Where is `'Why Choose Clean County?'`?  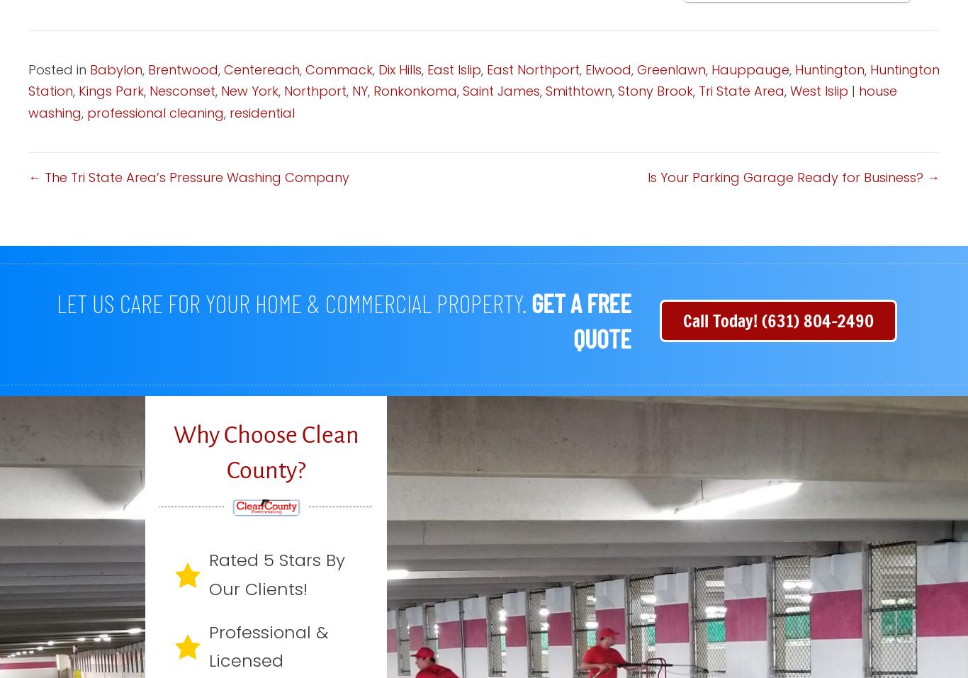 'Why Choose Clean County?' is located at coordinates (264, 451).